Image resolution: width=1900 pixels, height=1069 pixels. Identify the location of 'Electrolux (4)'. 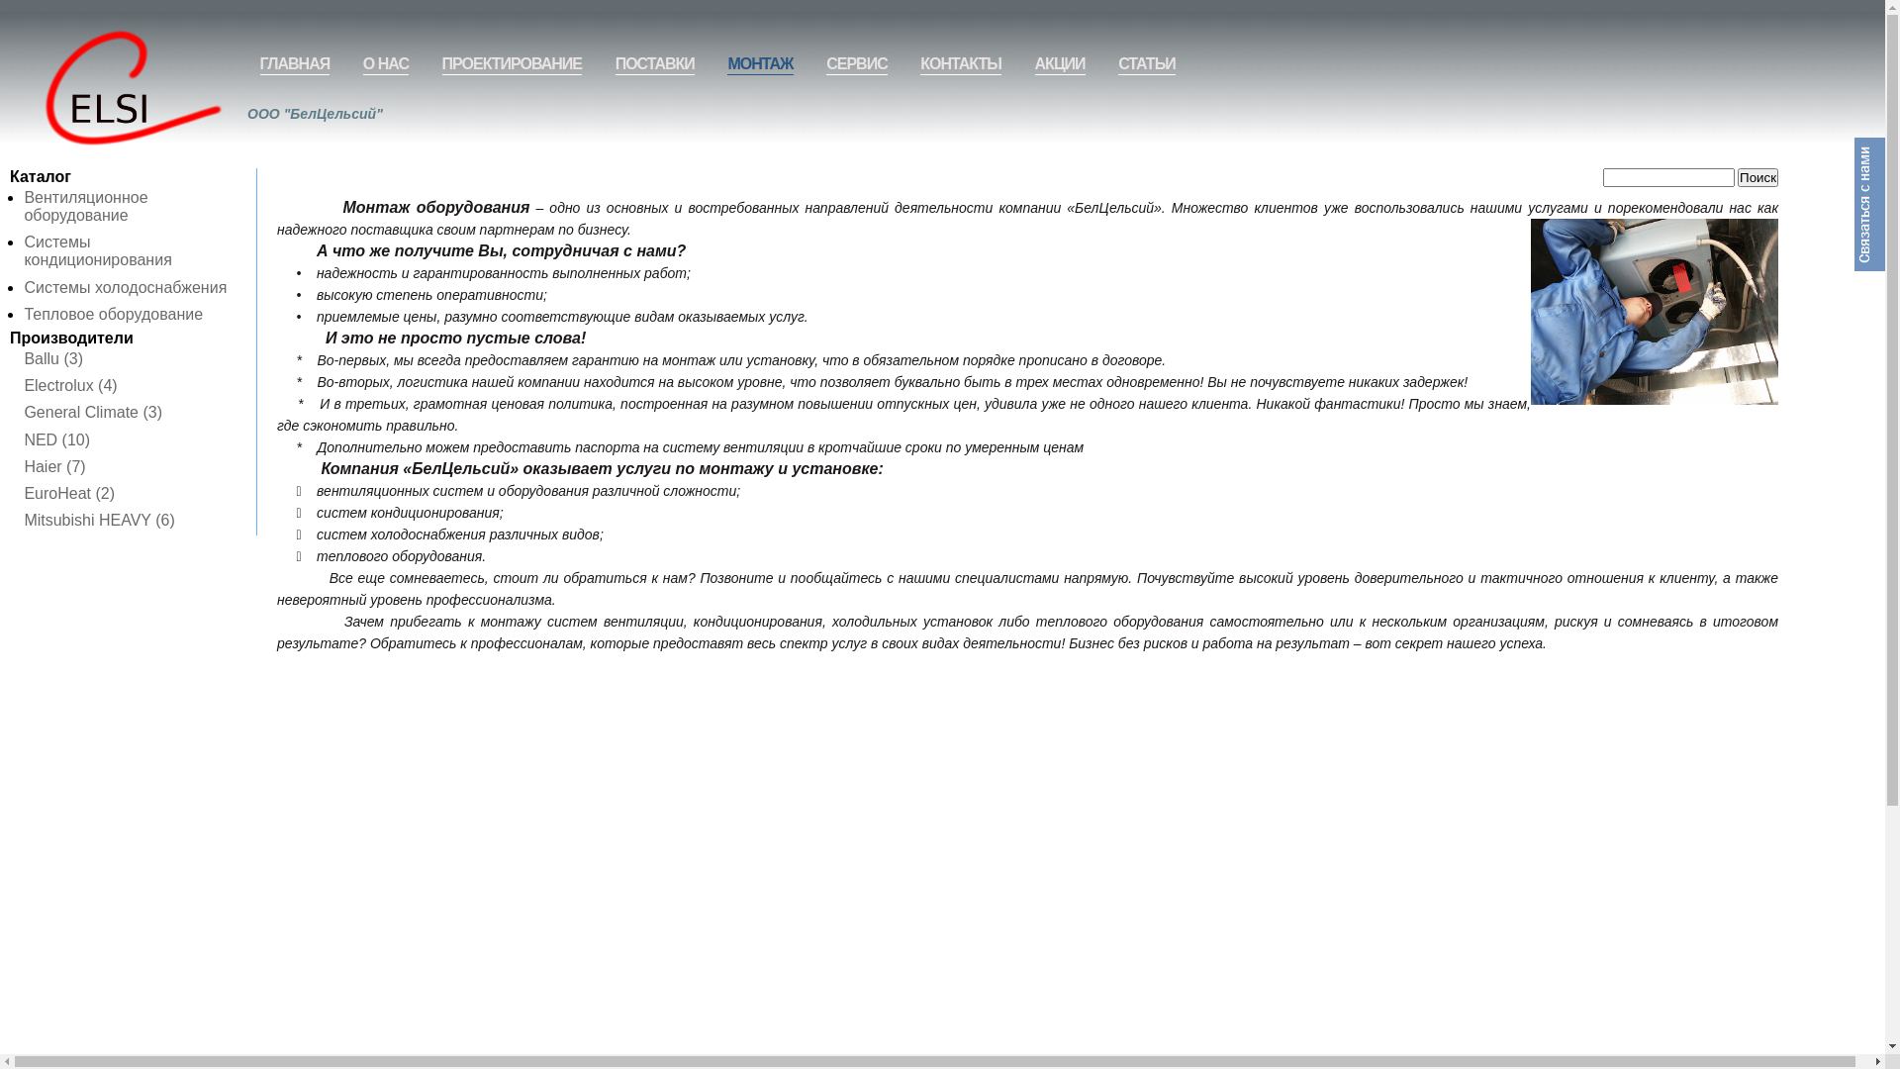
(70, 385).